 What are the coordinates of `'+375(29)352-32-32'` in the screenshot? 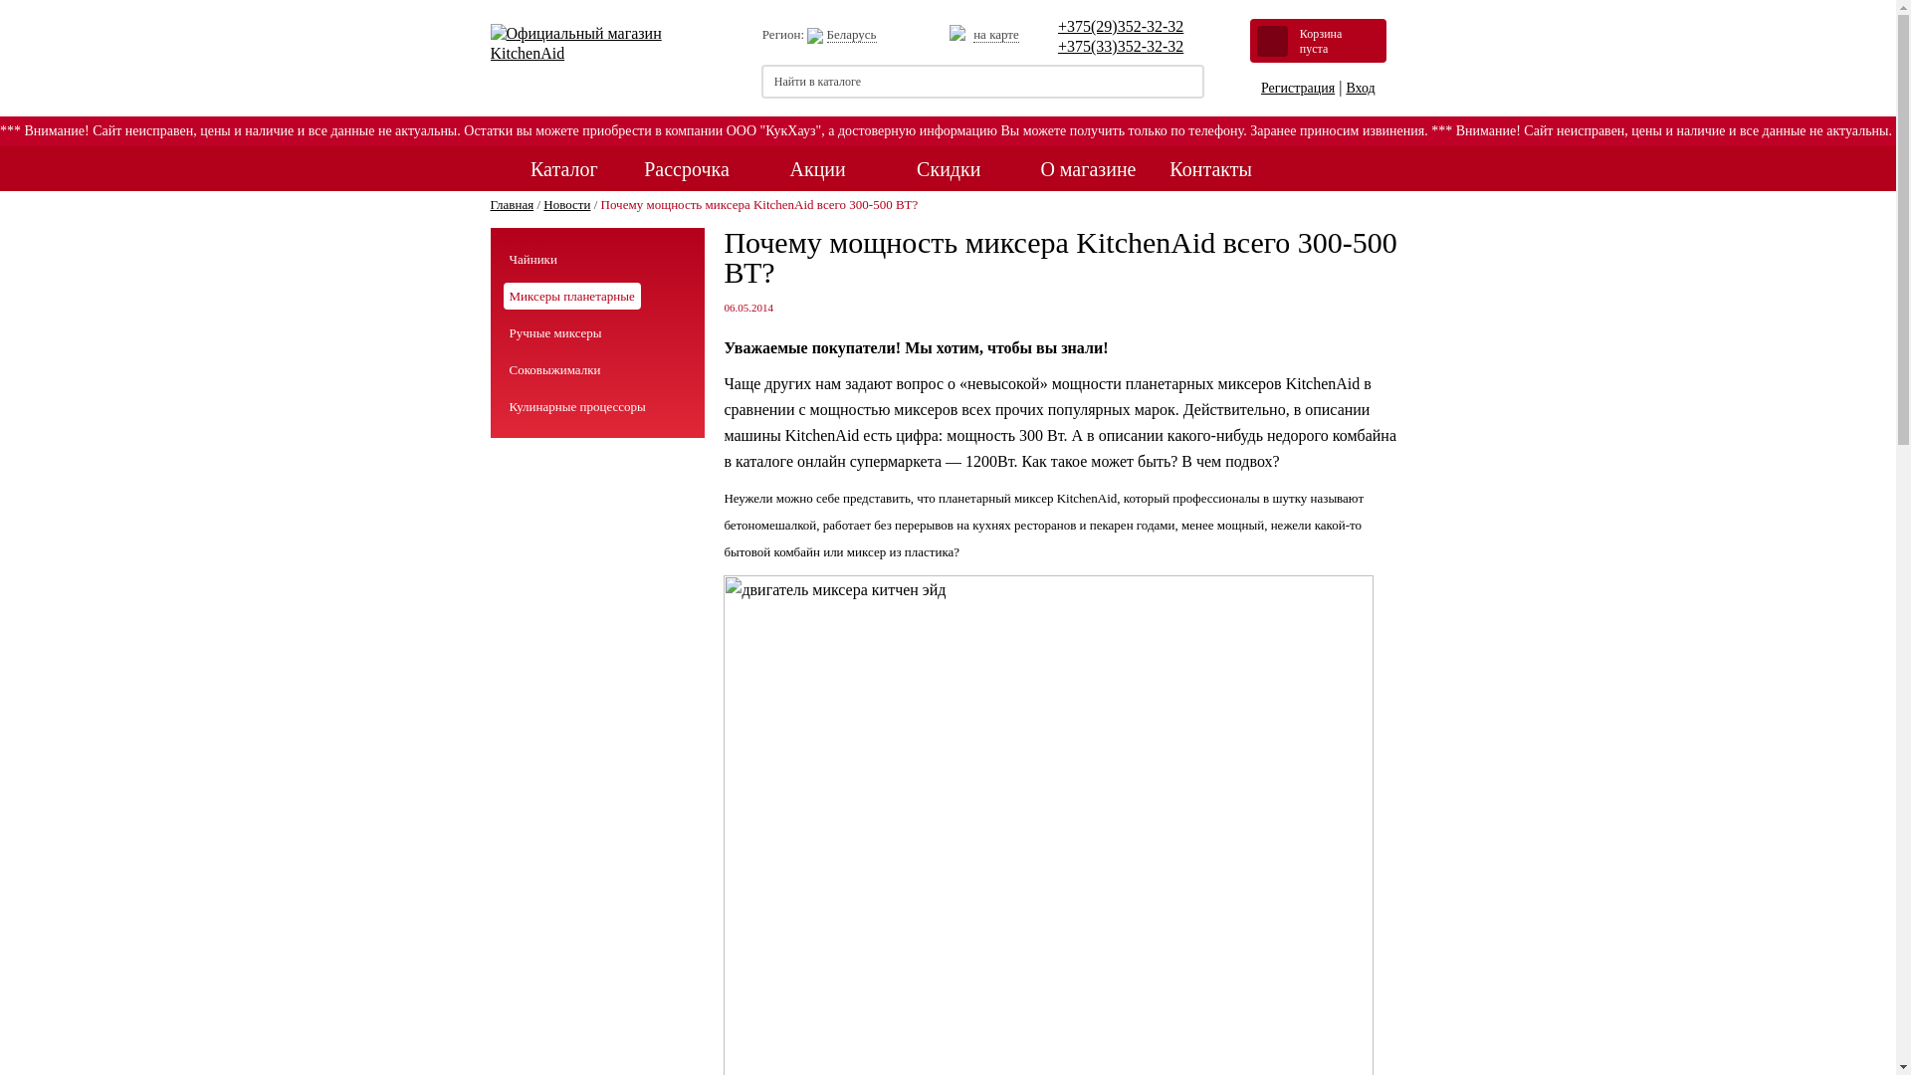 It's located at (1121, 26).